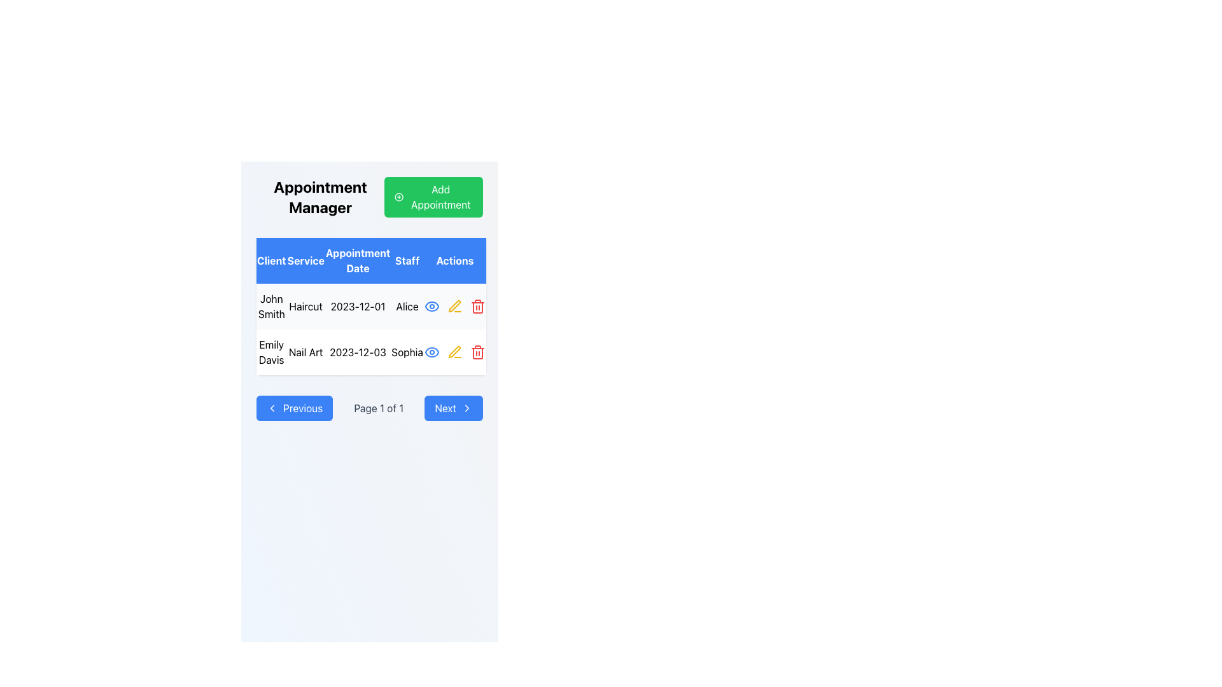  I want to click on date displayed in the Text Display under the 'Appointment Date' column, located in the second row of the table, between 'Haircut' and 'Alice', so click(357, 307).